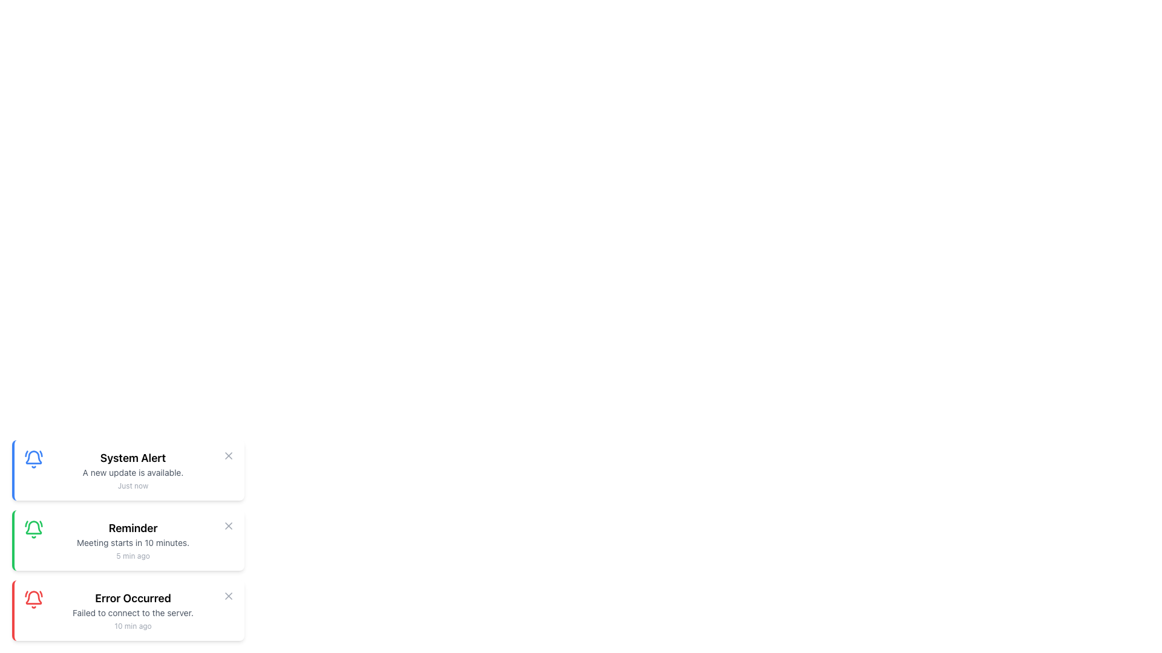 Image resolution: width=1162 pixels, height=653 pixels. What do you see at coordinates (133, 540) in the screenshot?
I see `the Notification element that displays a bold header 'Reminder', a descriptive text 'Meeting starts in 10 minutes.', and a time indicator '5 min ago', located second from the top of a list of notification cards` at bounding box center [133, 540].